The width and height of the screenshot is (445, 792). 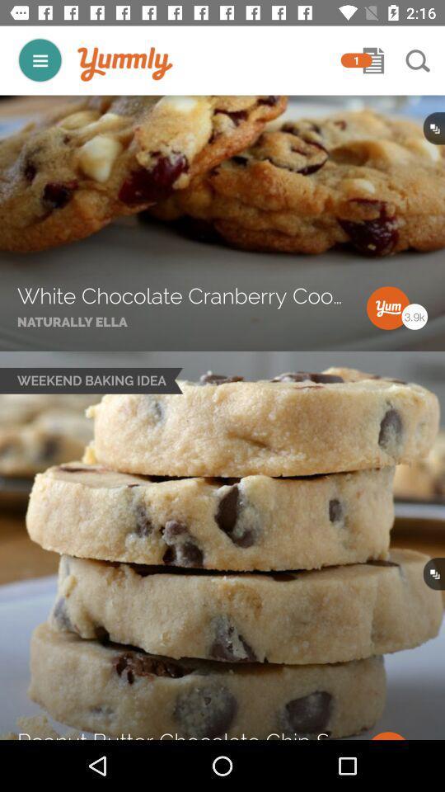 I want to click on item to the left of  1, so click(x=124, y=64).